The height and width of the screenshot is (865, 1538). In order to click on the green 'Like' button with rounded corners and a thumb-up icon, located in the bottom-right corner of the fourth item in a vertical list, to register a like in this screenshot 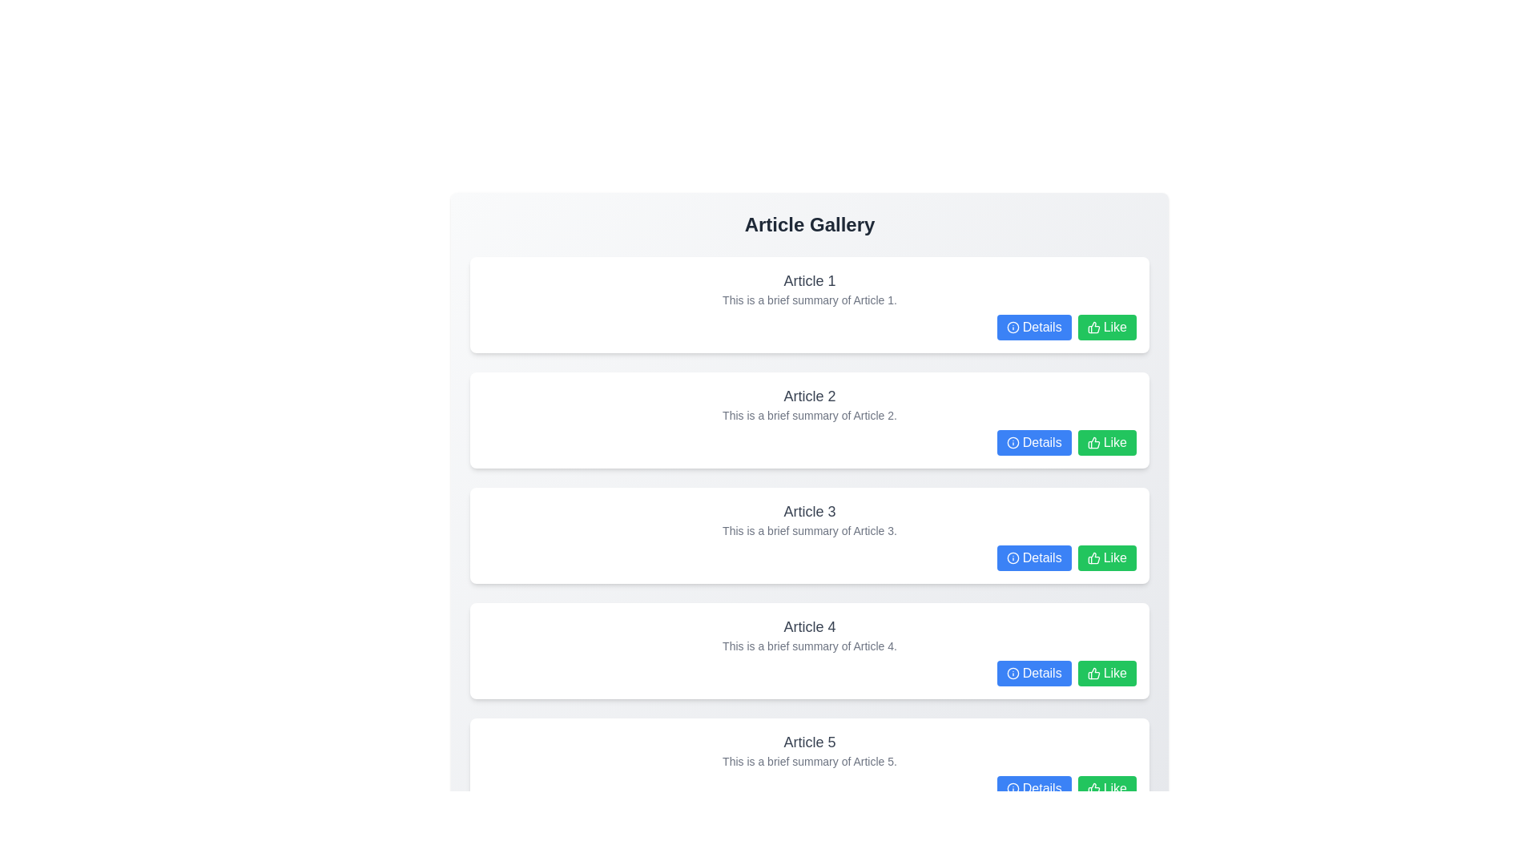, I will do `click(1106, 673)`.